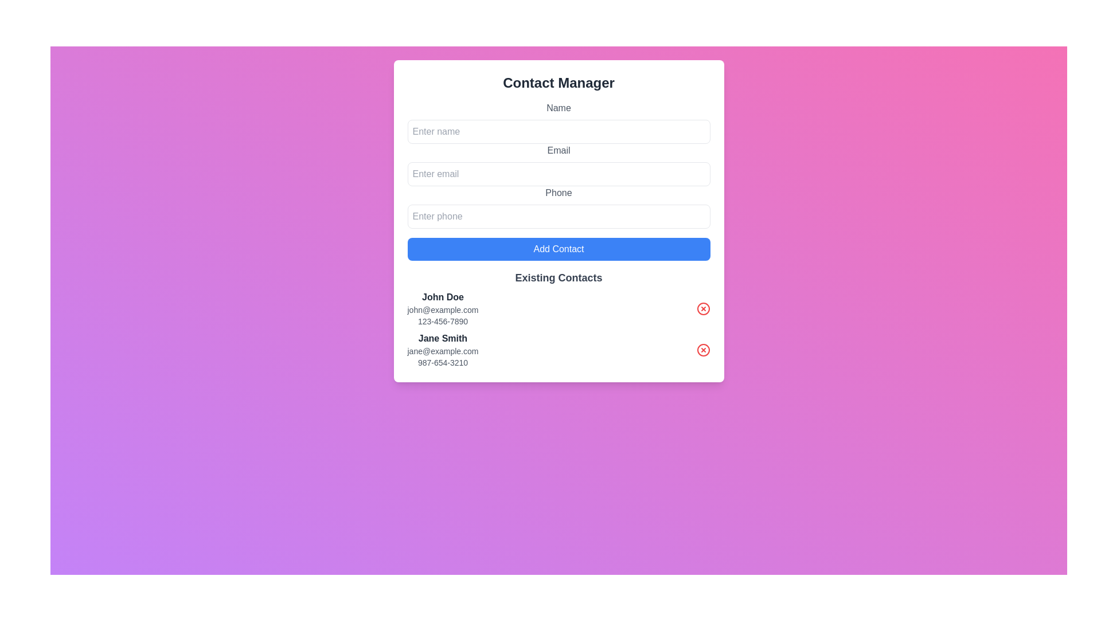 The height and width of the screenshot is (619, 1101). I want to click on the delete button icon for the contact 'John Doe' in the 'Existing Contacts' section, so click(702, 308).